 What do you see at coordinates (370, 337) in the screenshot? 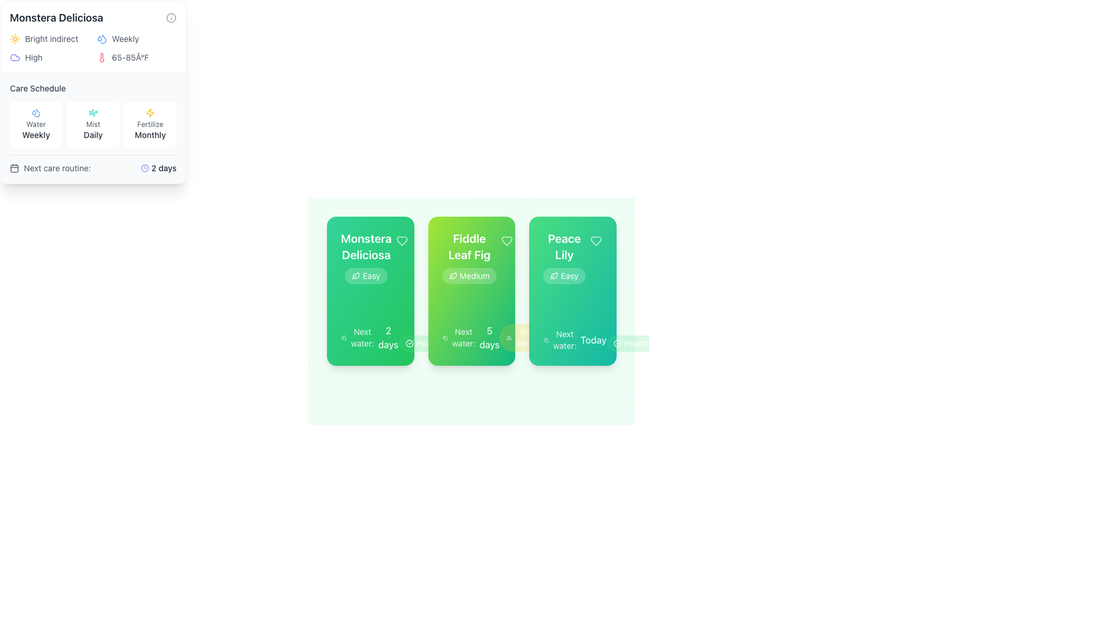
I see `the text portion of the 'Next water: 2 days Healthy' display element, which is located at the bottom of the 'Monstera Deliciosa' card, indicated by the white text on a green background` at bounding box center [370, 337].